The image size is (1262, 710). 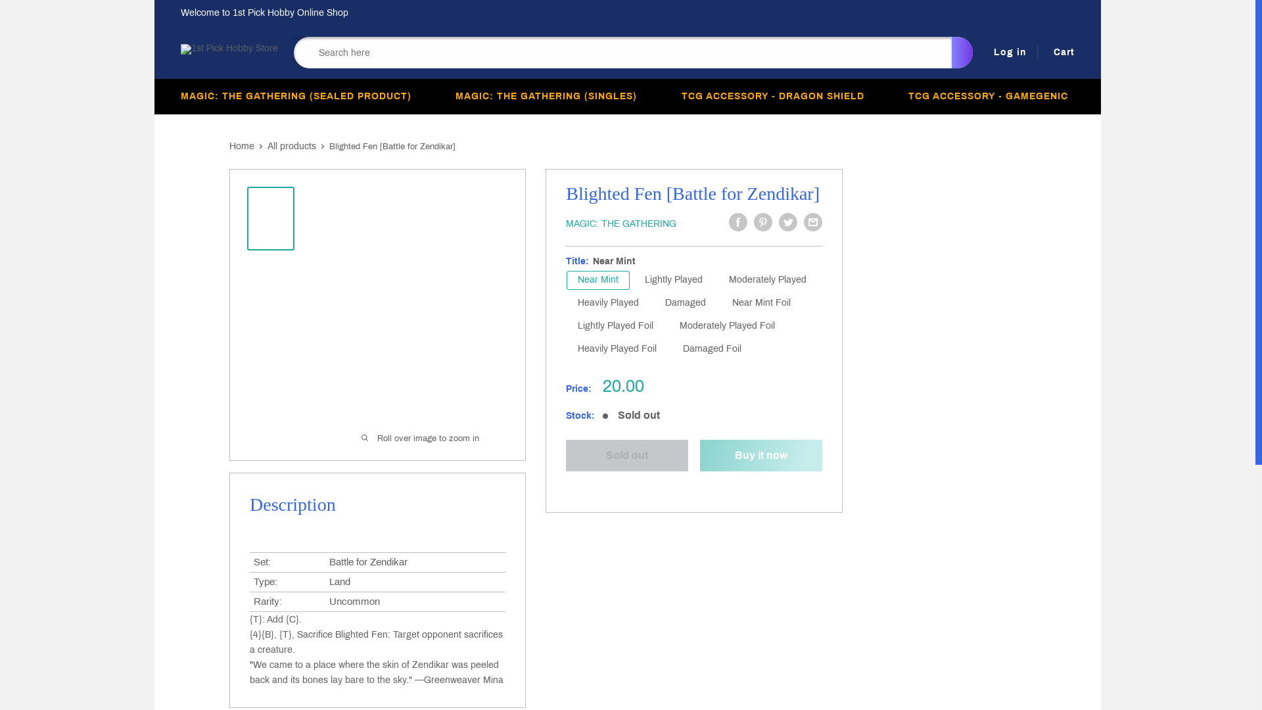 What do you see at coordinates (620, 223) in the screenshot?
I see `'MAGIC: THE GATHERING'` at bounding box center [620, 223].